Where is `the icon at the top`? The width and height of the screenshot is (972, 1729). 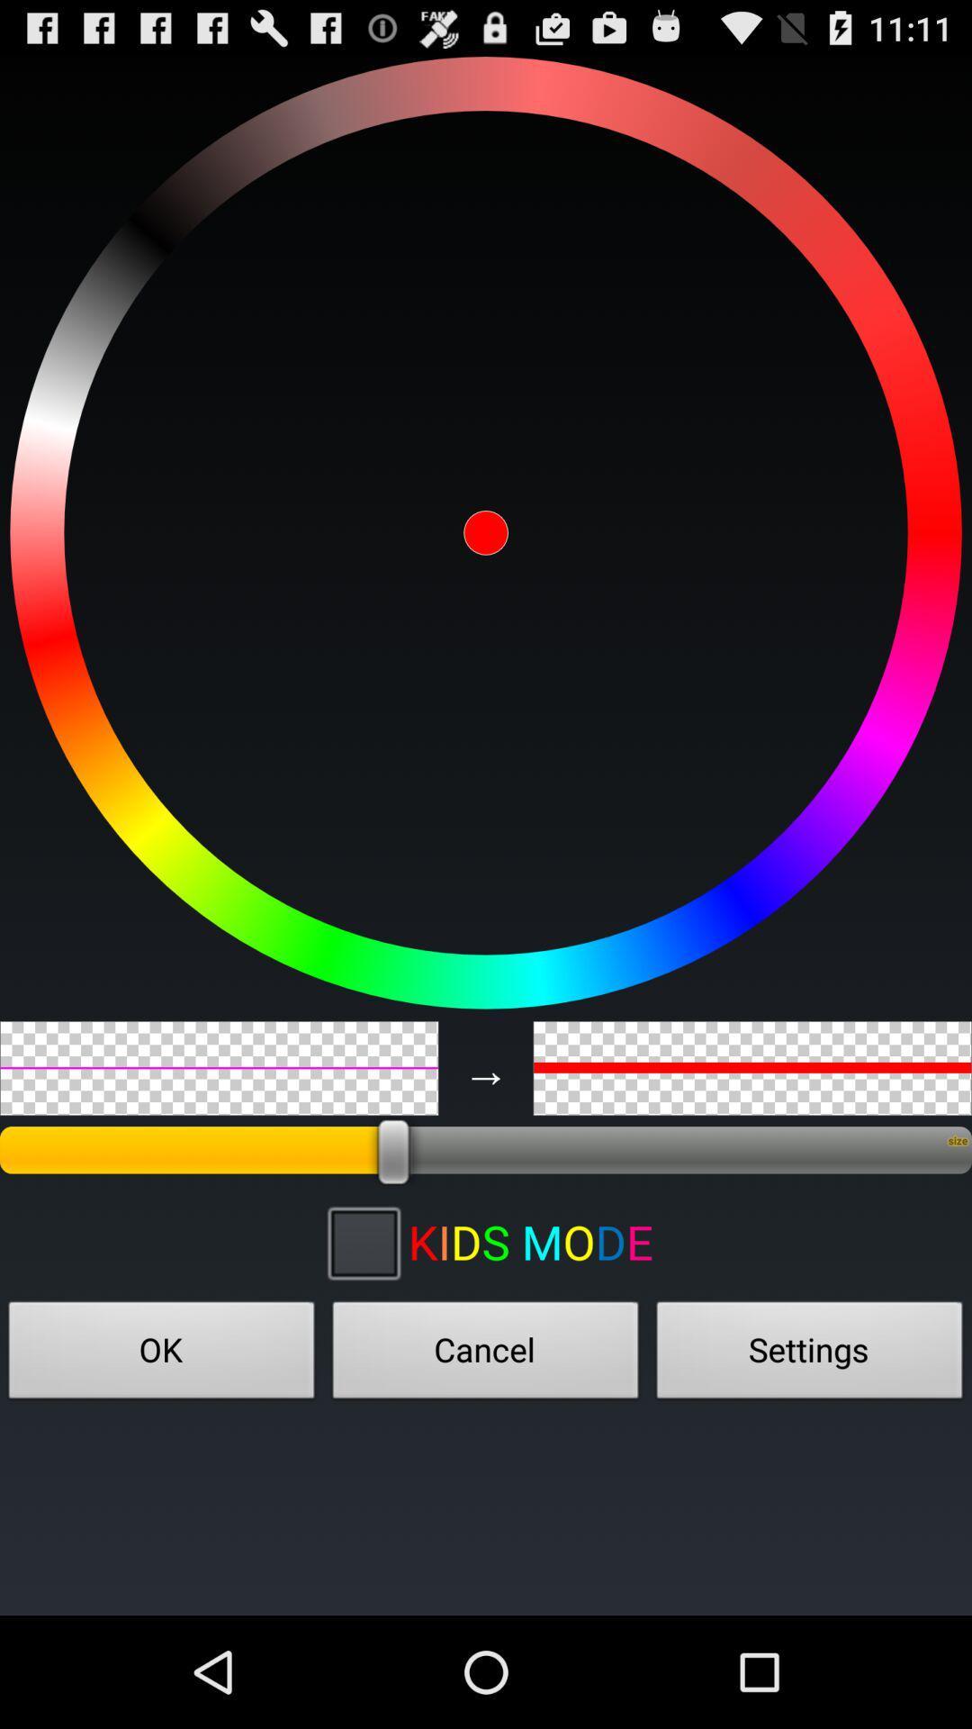
the icon at the top is located at coordinates (486, 531).